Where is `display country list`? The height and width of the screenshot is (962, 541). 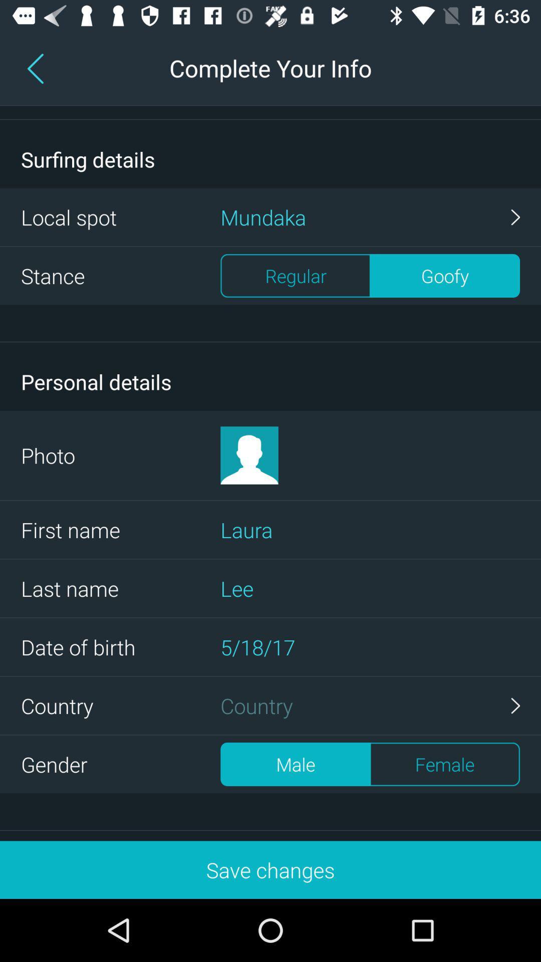 display country list is located at coordinates (370, 705).